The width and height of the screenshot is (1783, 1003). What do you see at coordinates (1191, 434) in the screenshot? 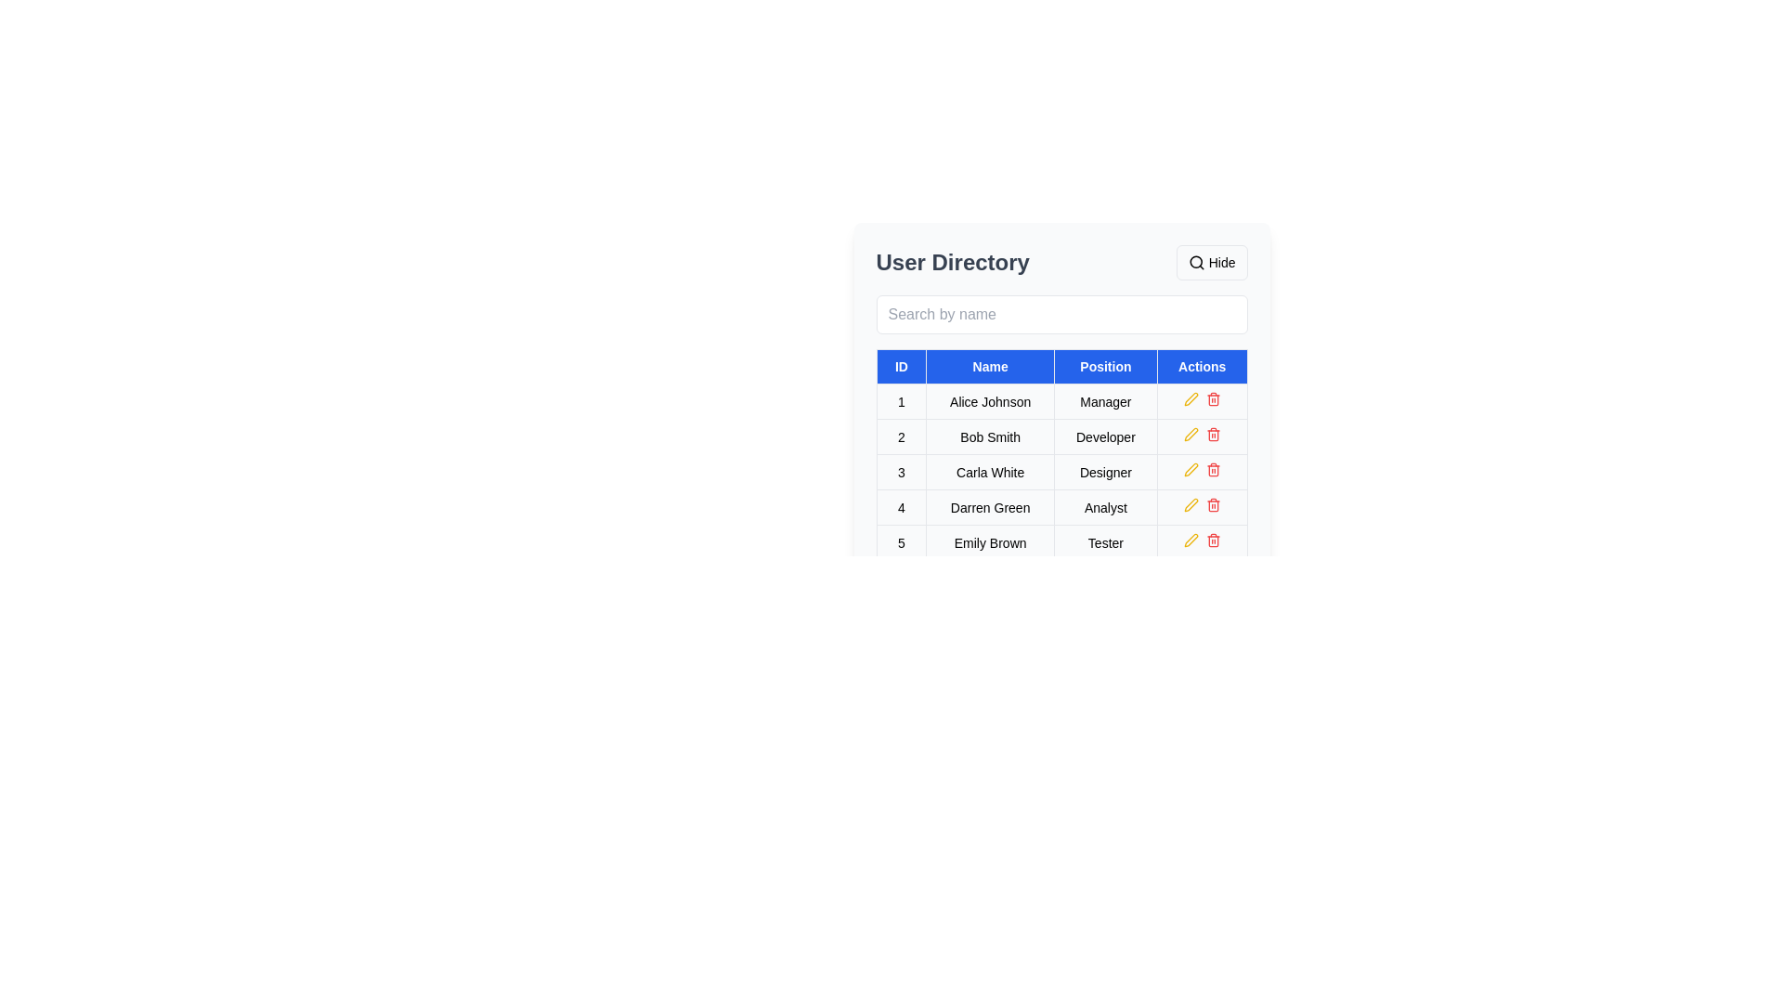
I see `the edit icon button located in the 'Actions' column of the second row in the table, associated with the 'Developer' position, to initiate an edit action` at bounding box center [1191, 434].